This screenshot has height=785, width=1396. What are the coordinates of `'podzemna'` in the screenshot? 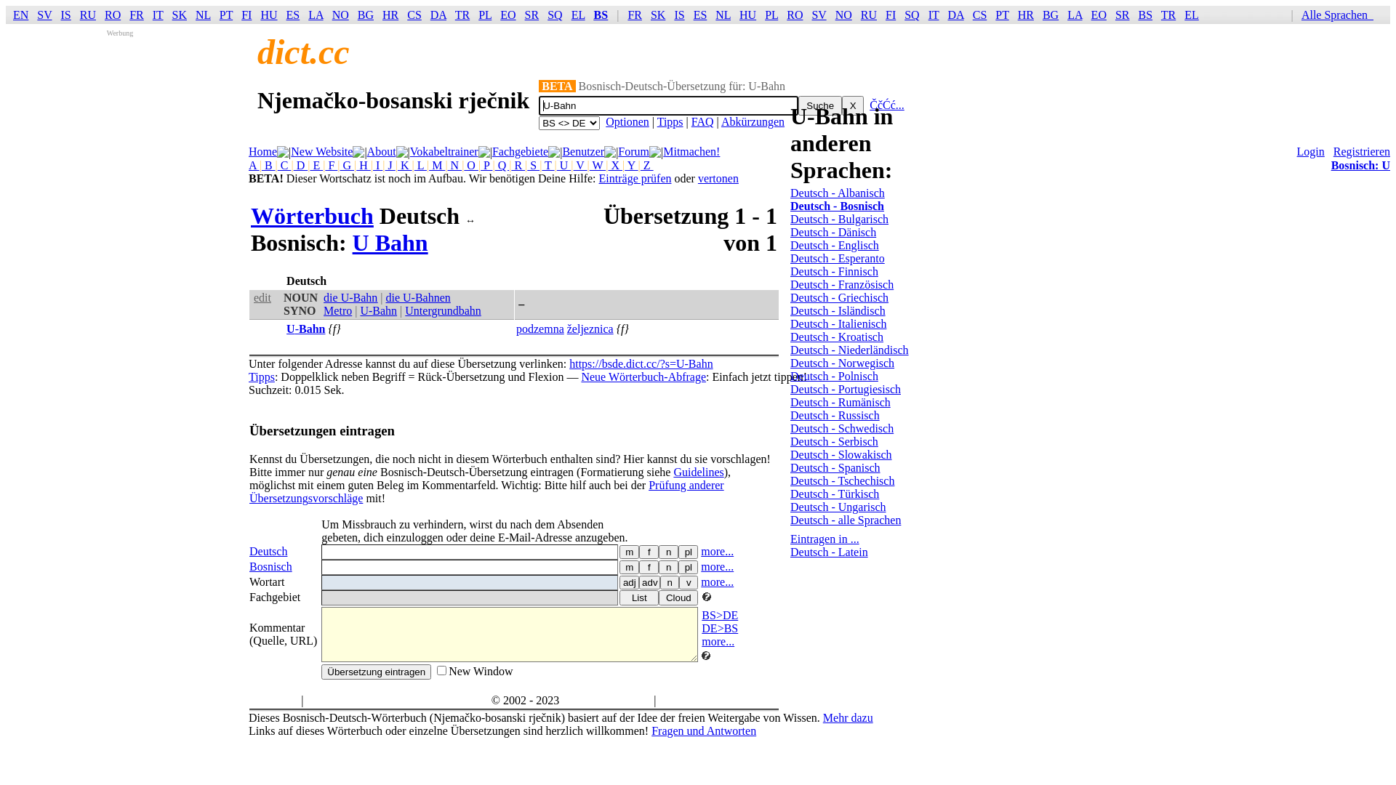 It's located at (539, 329).